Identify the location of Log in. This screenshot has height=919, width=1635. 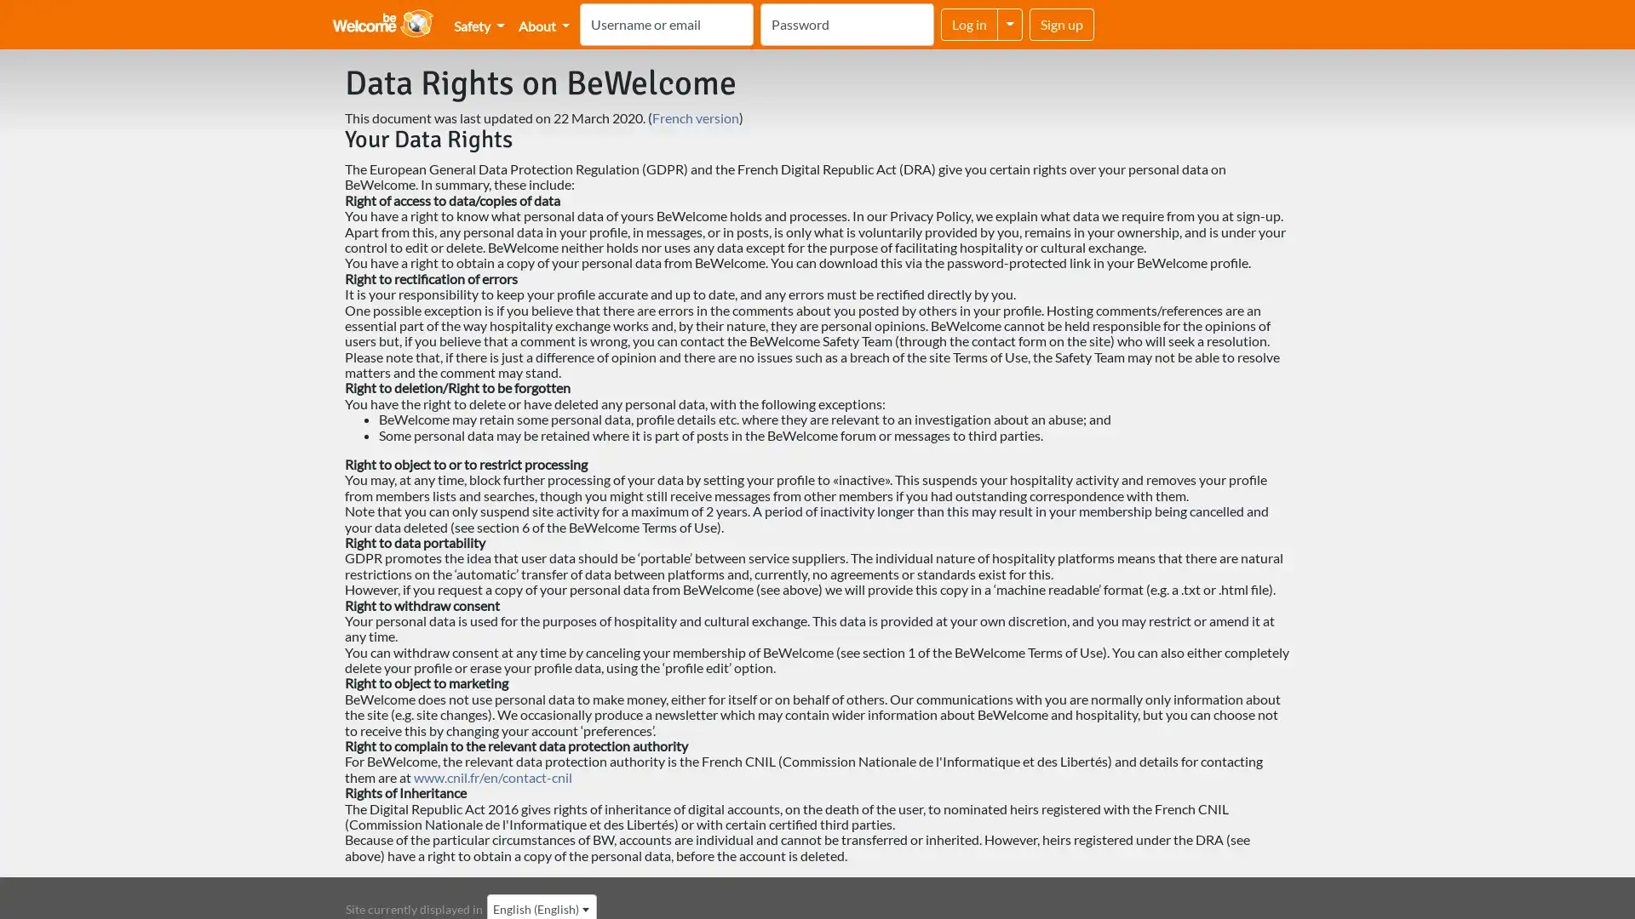
(969, 25).